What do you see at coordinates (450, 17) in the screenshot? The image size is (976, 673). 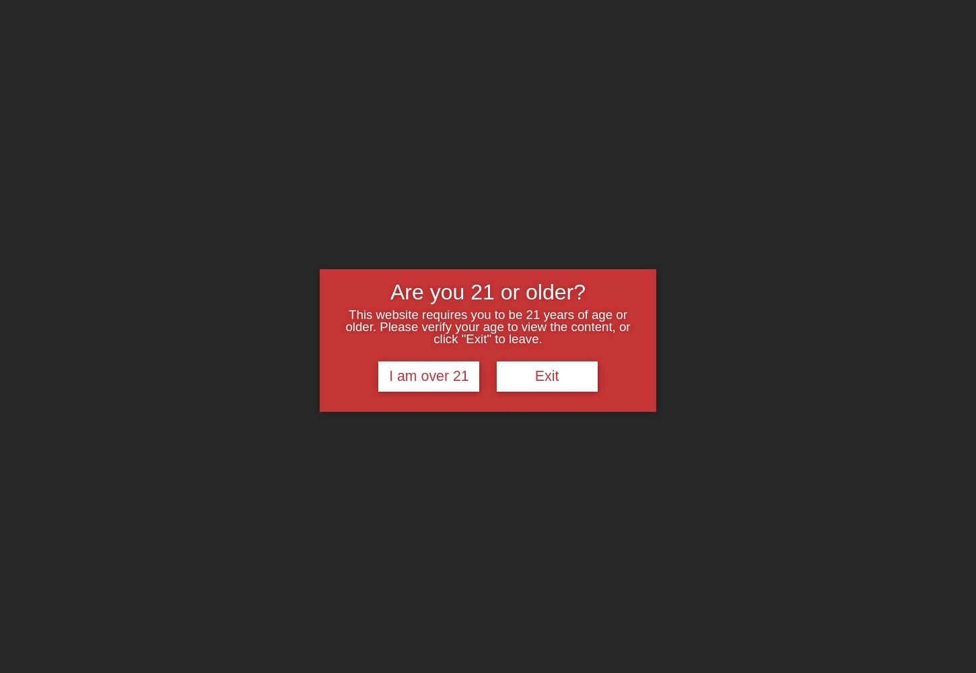 I see `'Angels Share'` at bounding box center [450, 17].